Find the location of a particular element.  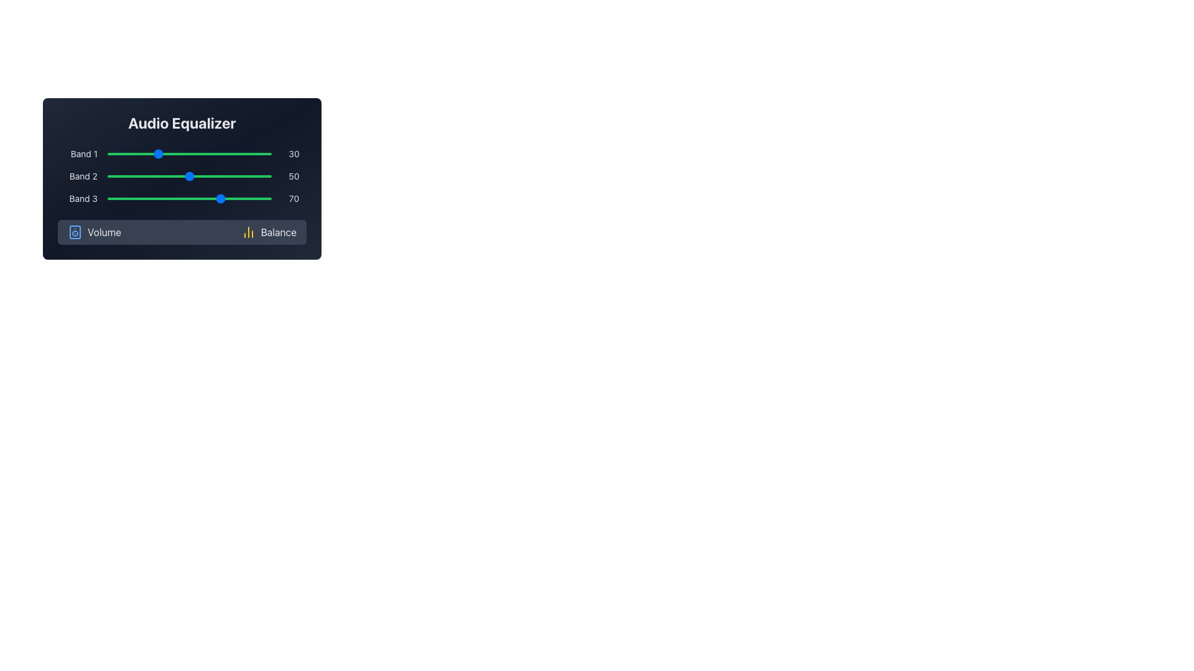

the slider thumb of the Horizontal slider labeled 'Band 2' is located at coordinates (181, 176).